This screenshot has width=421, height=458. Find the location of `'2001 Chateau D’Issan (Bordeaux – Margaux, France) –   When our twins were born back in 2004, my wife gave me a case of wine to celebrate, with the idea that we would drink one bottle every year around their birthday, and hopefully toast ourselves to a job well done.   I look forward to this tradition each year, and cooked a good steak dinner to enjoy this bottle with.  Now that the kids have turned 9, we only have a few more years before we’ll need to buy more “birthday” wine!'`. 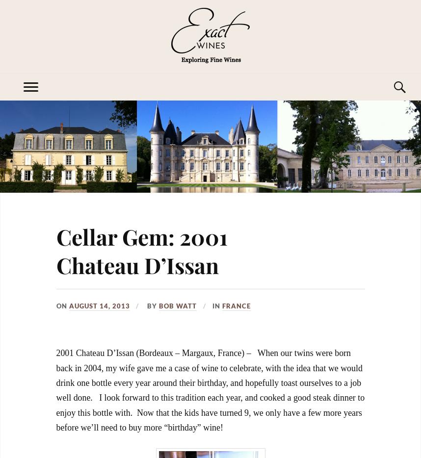

'2001 Chateau D’Issan (Bordeaux – Margaux, France) –   When our twins were born back in 2004, my wife gave me a case of wine to celebrate, with the idea that we would drink one bottle every year around their birthday, and hopefully toast ourselves to a job well done.   I look forward to this tradition each year, and cooked a good steak dinner to enjoy this bottle with.  Now that the kids have turned 9, we only have a few more years before we’ll need to buy more “birthday” wine!' is located at coordinates (210, 390).